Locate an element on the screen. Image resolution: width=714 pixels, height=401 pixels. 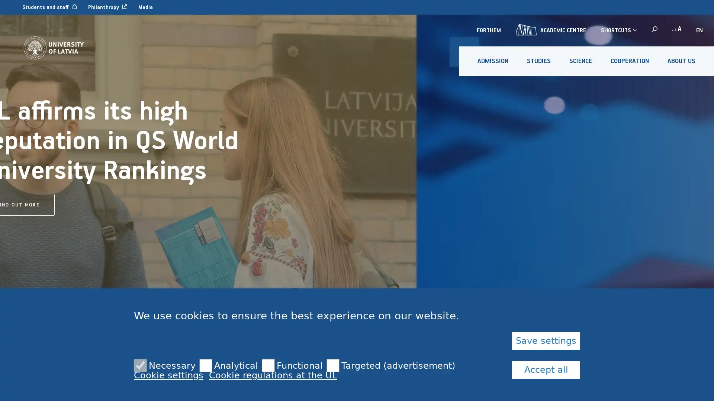
SCIENCE is located at coordinates (580, 61).